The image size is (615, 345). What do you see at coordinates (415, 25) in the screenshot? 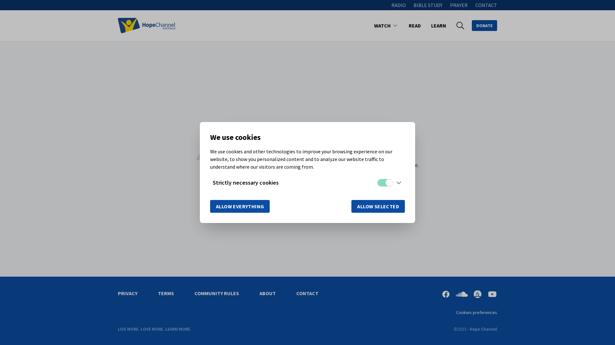
I see `'READ'` at bounding box center [415, 25].